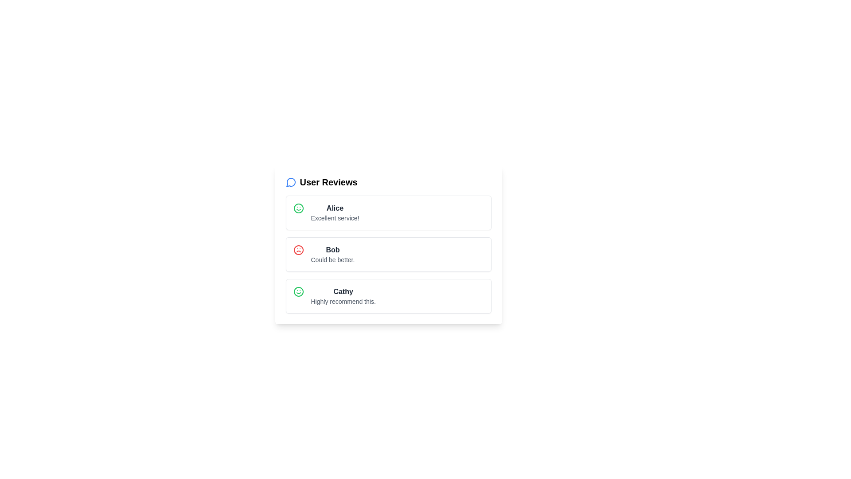  Describe the element at coordinates (298, 250) in the screenshot. I see `the rating icon corresponding to Bob` at that location.